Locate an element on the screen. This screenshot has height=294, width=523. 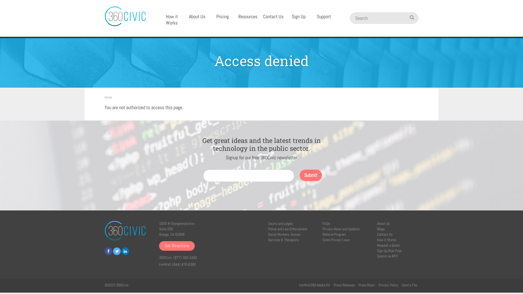
'Contact Us' is located at coordinates (273, 16).